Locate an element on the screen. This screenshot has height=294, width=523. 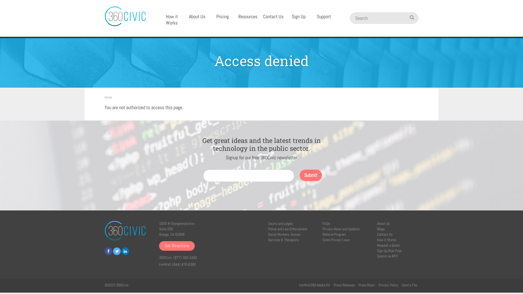
'Contact Us' is located at coordinates (273, 16).